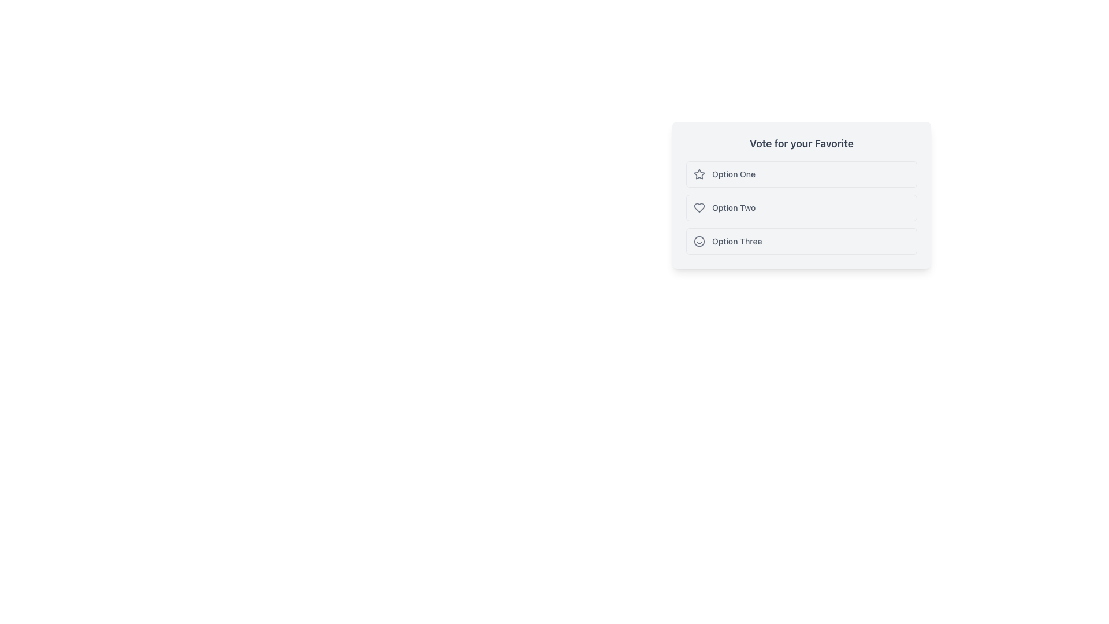 This screenshot has height=624, width=1109. What do you see at coordinates (698, 174) in the screenshot?
I see `the first icon to the left of the 'Option One' text in the vertical list of options` at bounding box center [698, 174].